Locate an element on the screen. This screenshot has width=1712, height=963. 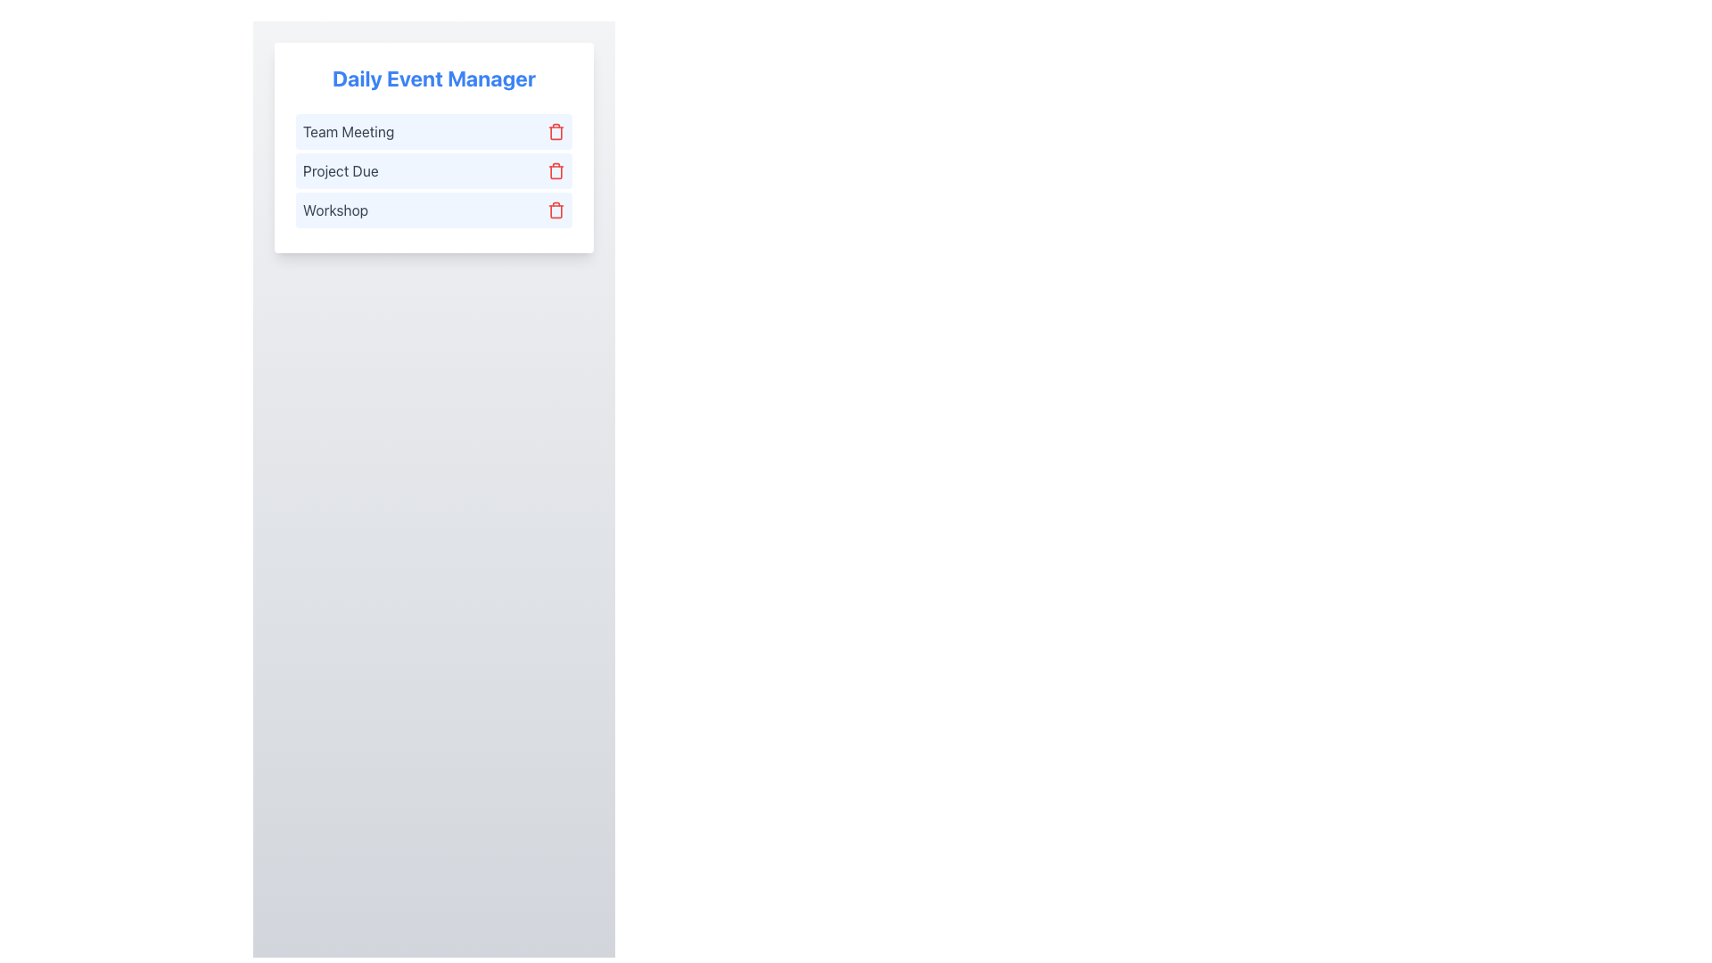
the text label displaying 'Workshop', which is the third item in a vertical list of text labels within a light blue rectangular section is located at coordinates (335, 209).